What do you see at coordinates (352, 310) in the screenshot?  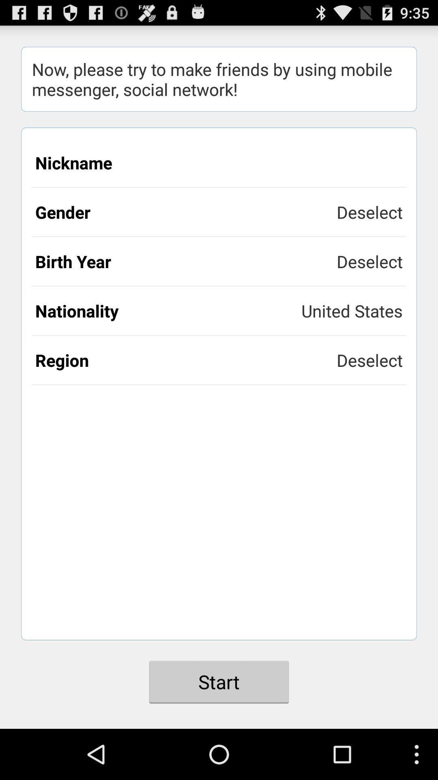 I see `icon to the right of the nationality icon` at bounding box center [352, 310].